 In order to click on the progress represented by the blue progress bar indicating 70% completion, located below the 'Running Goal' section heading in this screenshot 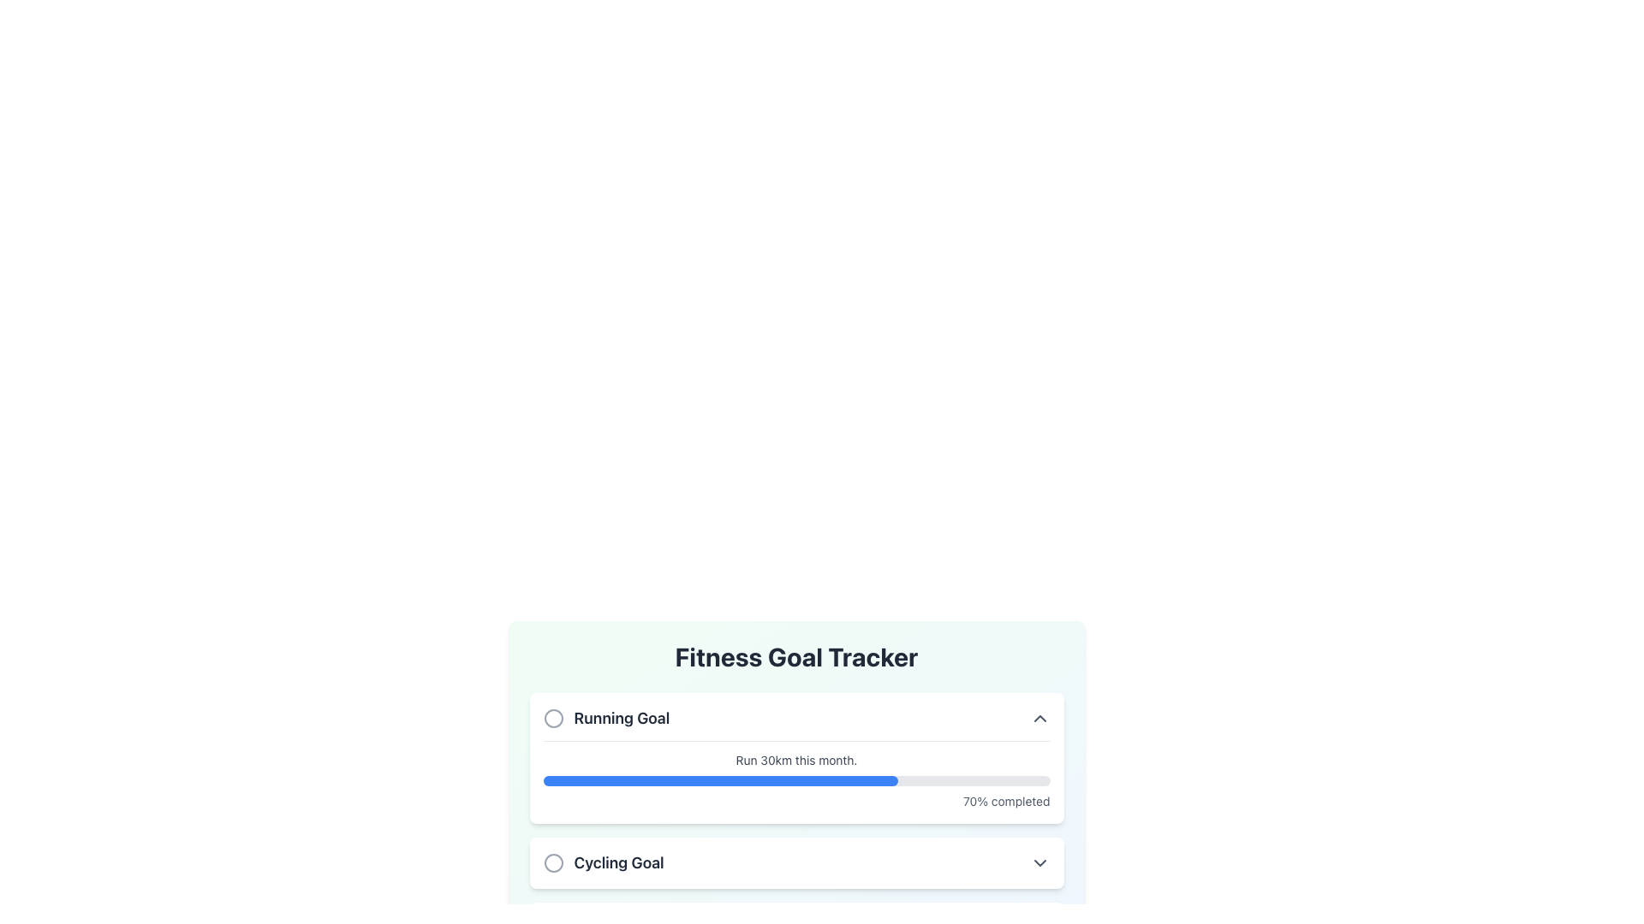, I will do `click(720, 781)`.